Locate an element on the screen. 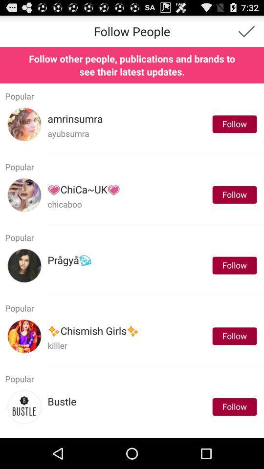  icon below the popular item is located at coordinates (93, 331).